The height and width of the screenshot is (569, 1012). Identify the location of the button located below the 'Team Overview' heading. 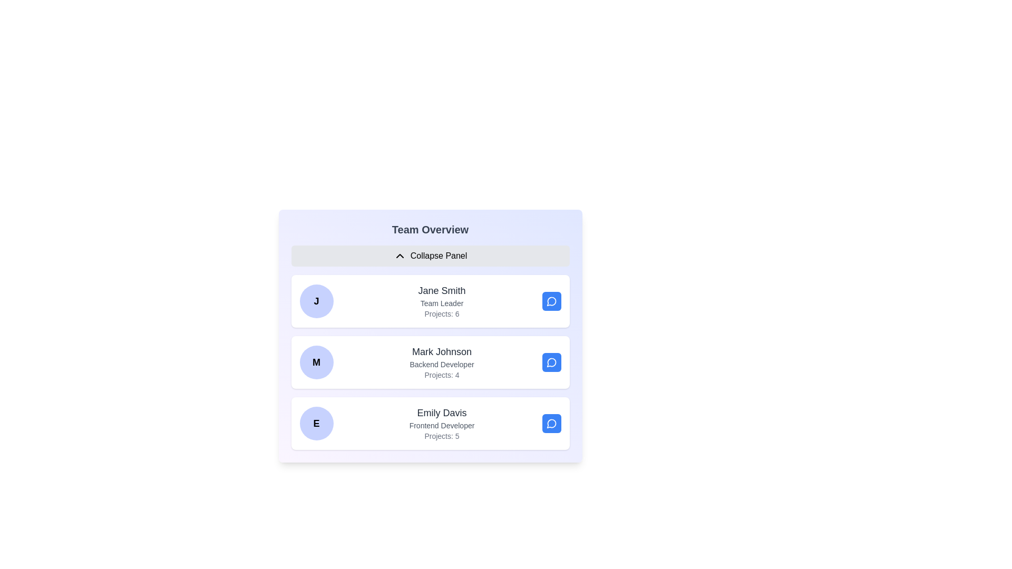
(430, 256).